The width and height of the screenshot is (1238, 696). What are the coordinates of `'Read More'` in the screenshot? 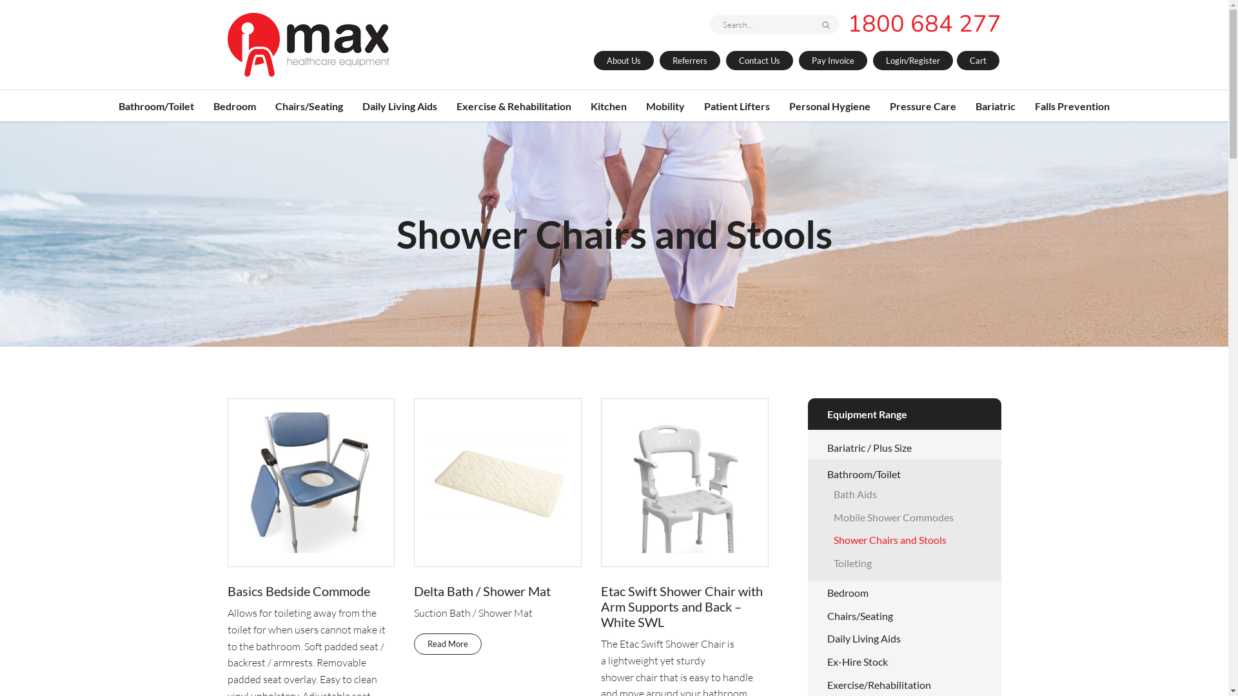 It's located at (447, 644).